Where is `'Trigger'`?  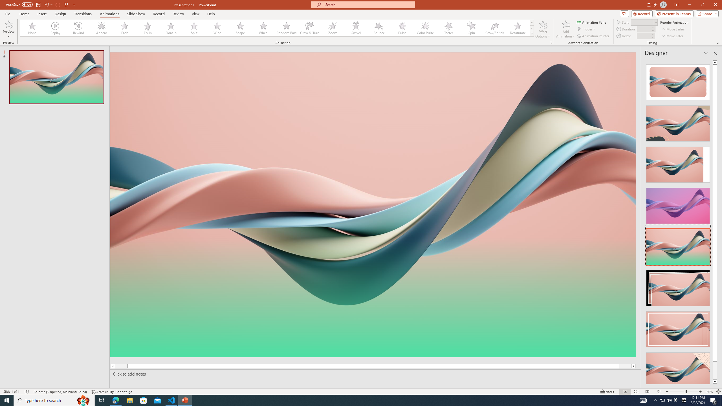 'Trigger' is located at coordinates (586, 29).